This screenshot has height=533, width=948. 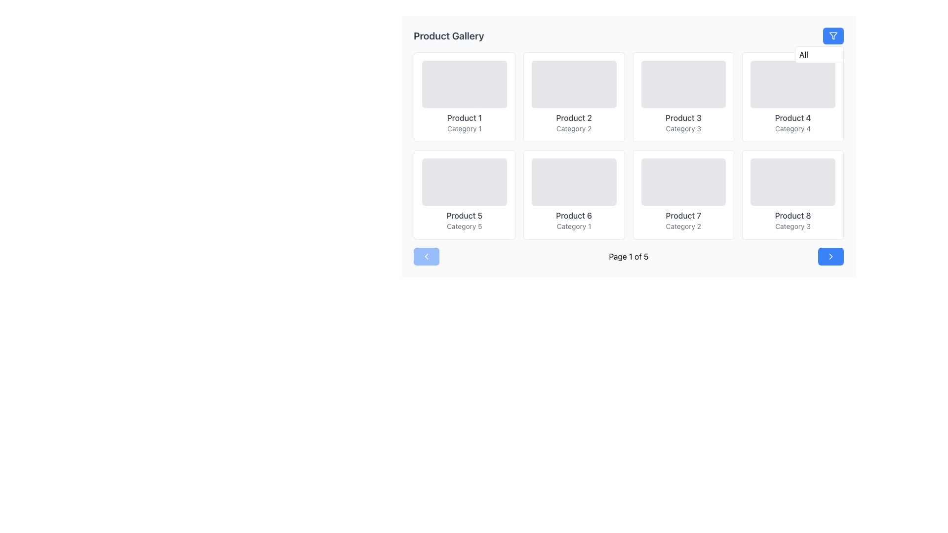 What do you see at coordinates (628, 256) in the screenshot?
I see `the Text label that indicates the current page number and total number of pages in the gallery, located at the bottom center of the pagination control` at bounding box center [628, 256].